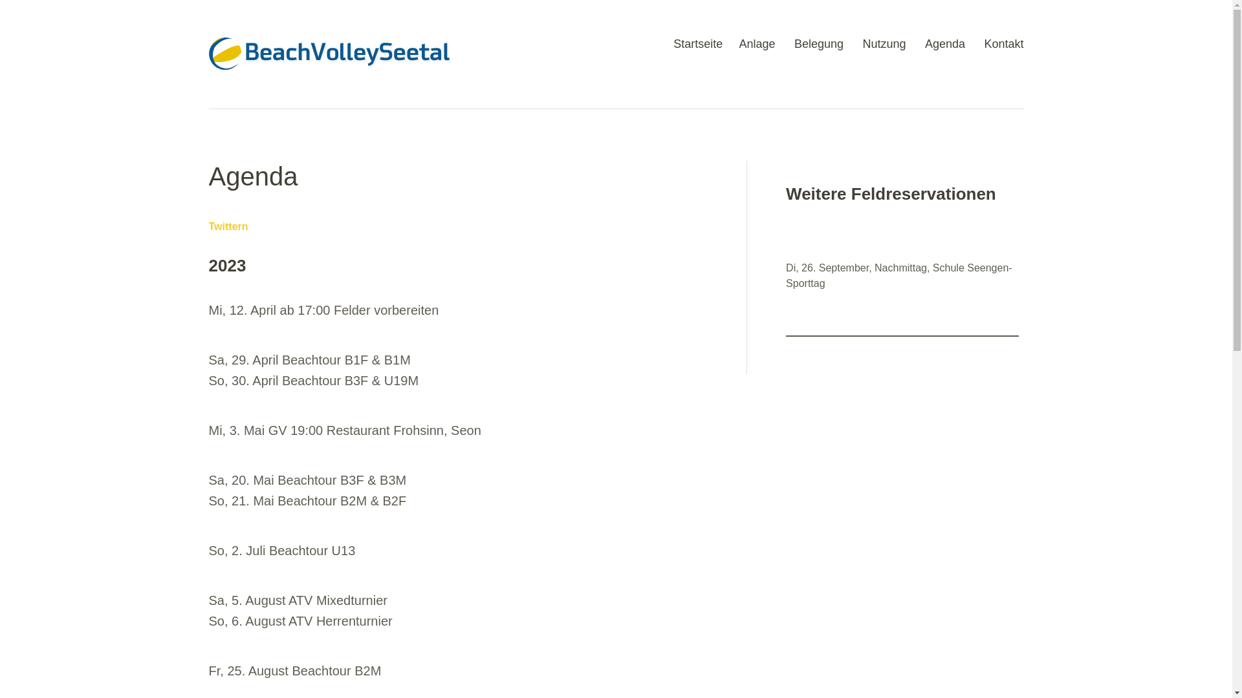 This screenshot has height=698, width=1242. What do you see at coordinates (757, 49) in the screenshot?
I see `'Anlage'` at bounding box center [757, 49].